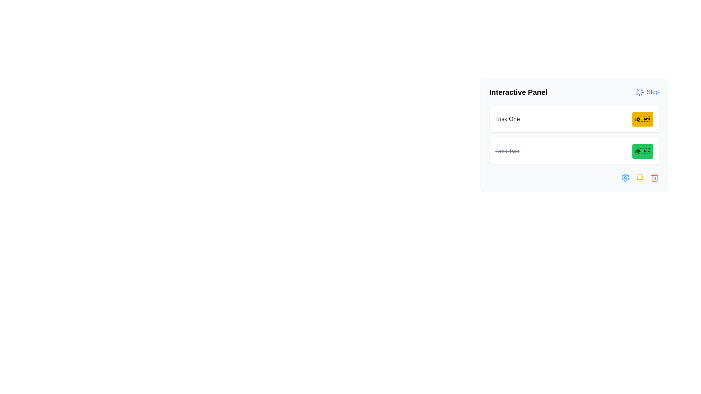 The width and height of the screenshot is (701, 394). Describe the element at coordinates (574, 119) in the screenshot. I see `the first task item in the Interactive Panel` at that location.